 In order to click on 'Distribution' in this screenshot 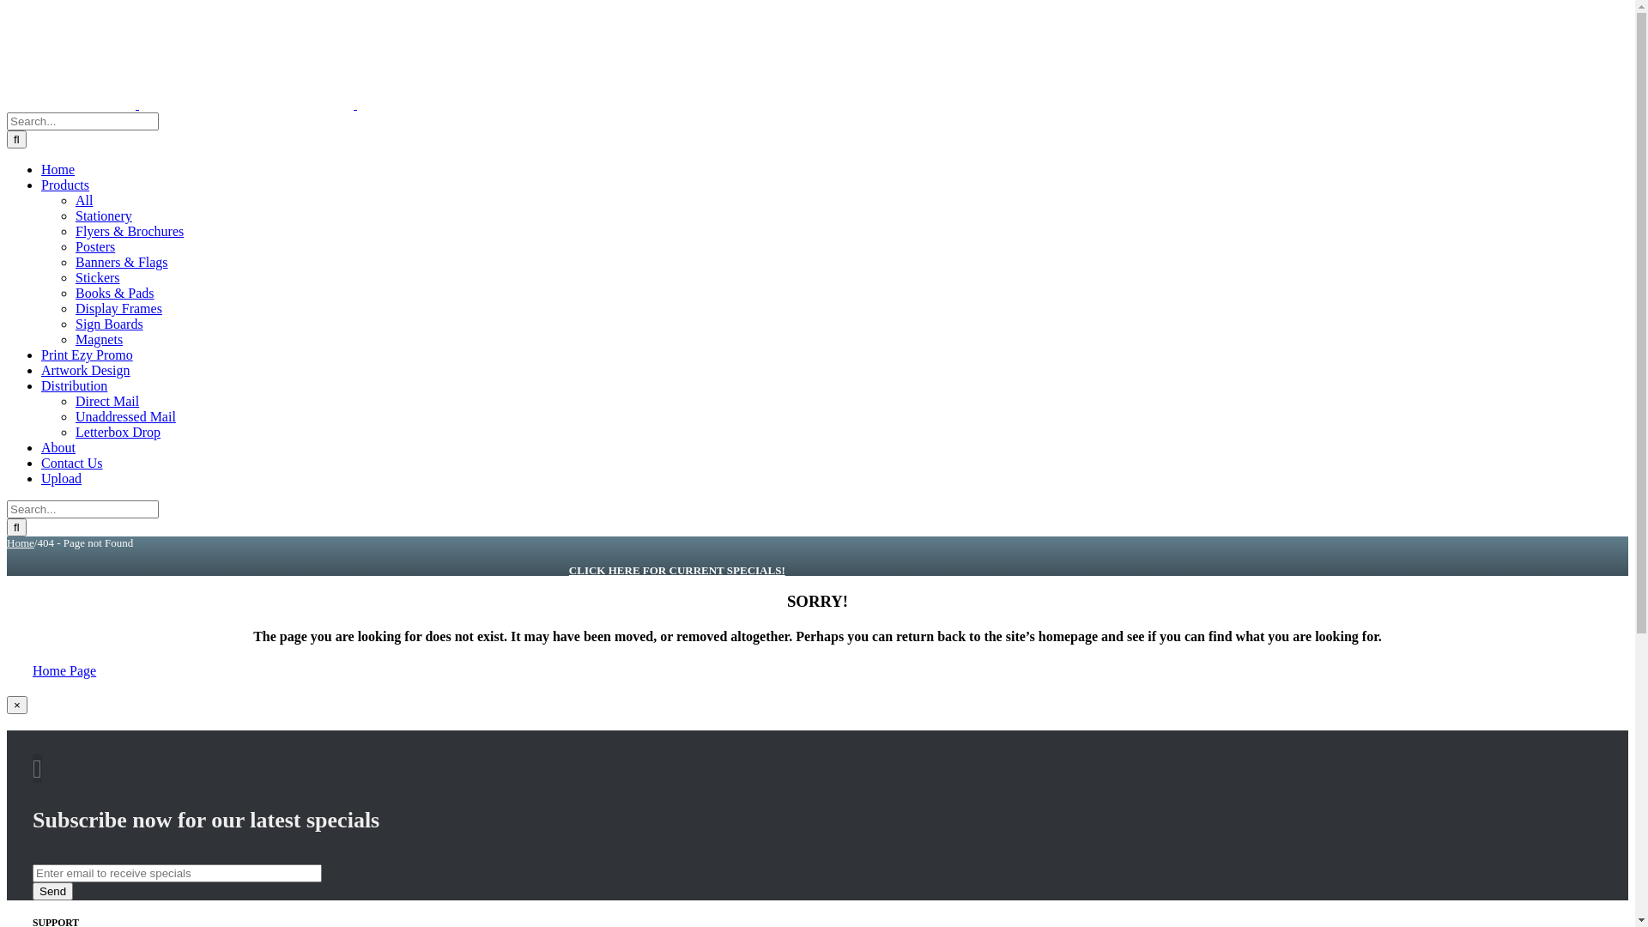, I will do `click(73, 385)`.